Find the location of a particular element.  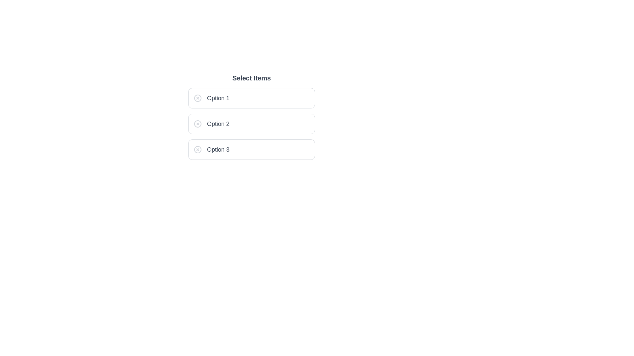

the circular gray button with a small cross inside, located to the left of 'Option 2' in the second row of a vertical list is located at coordinates (197, 124).